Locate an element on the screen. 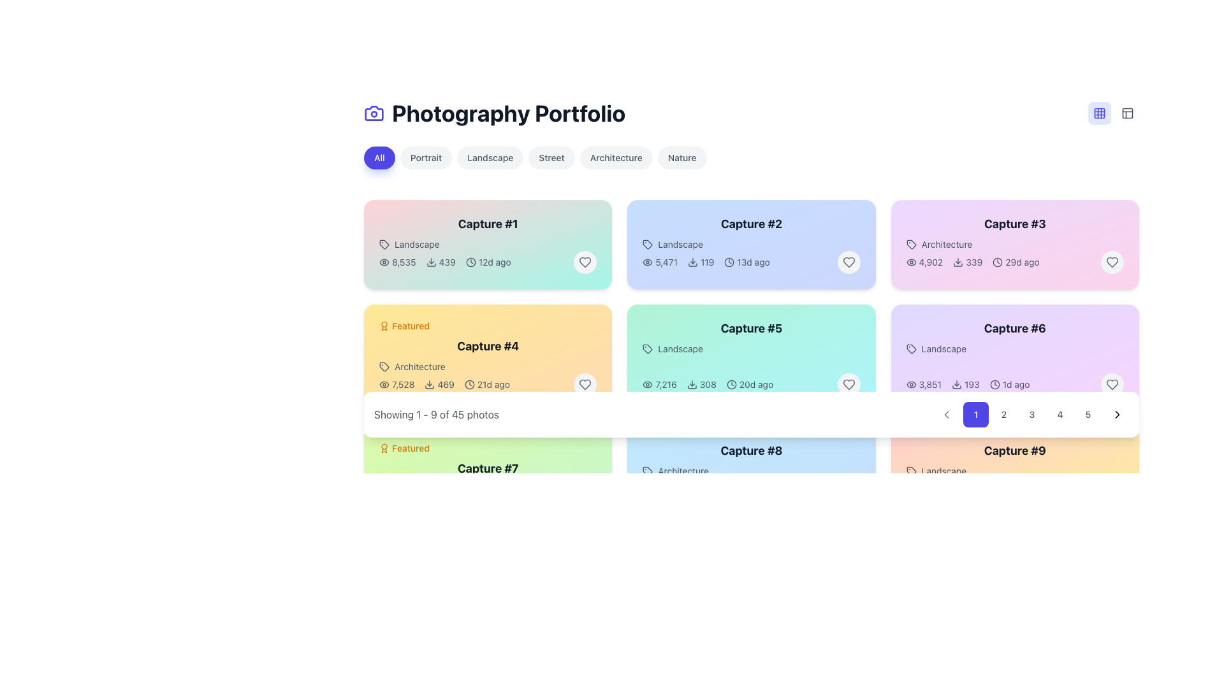 This screenshot has height=688, width=1224. the small award or badge icon located to the left of the 'Featured' label within the card element of the photo entry grid is located at coordinates (384, 448).